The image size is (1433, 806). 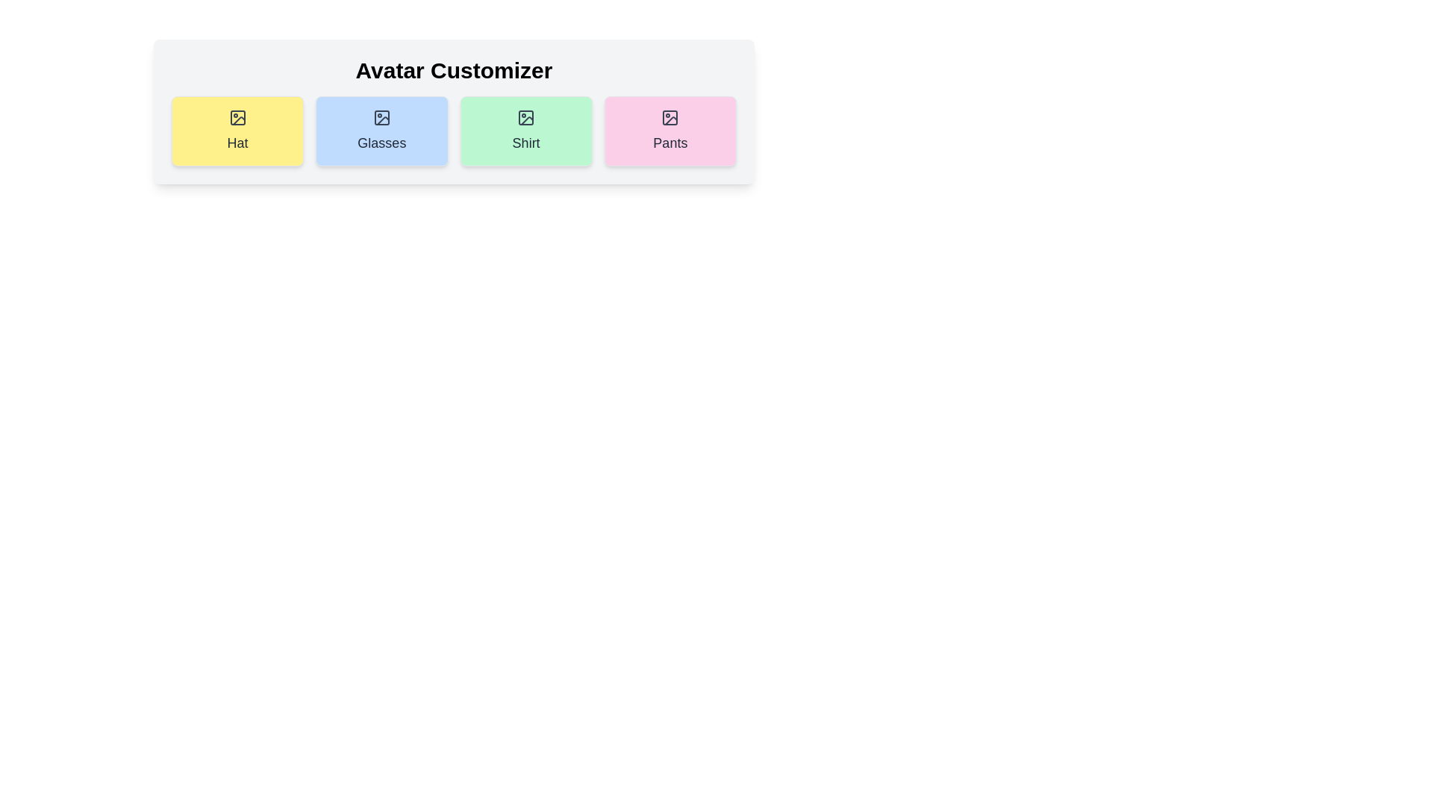 I want to click on label for the shirt option in the avatar customization interface, located in the third column under 'Avatar Customizer', so click(x=526, y=143).